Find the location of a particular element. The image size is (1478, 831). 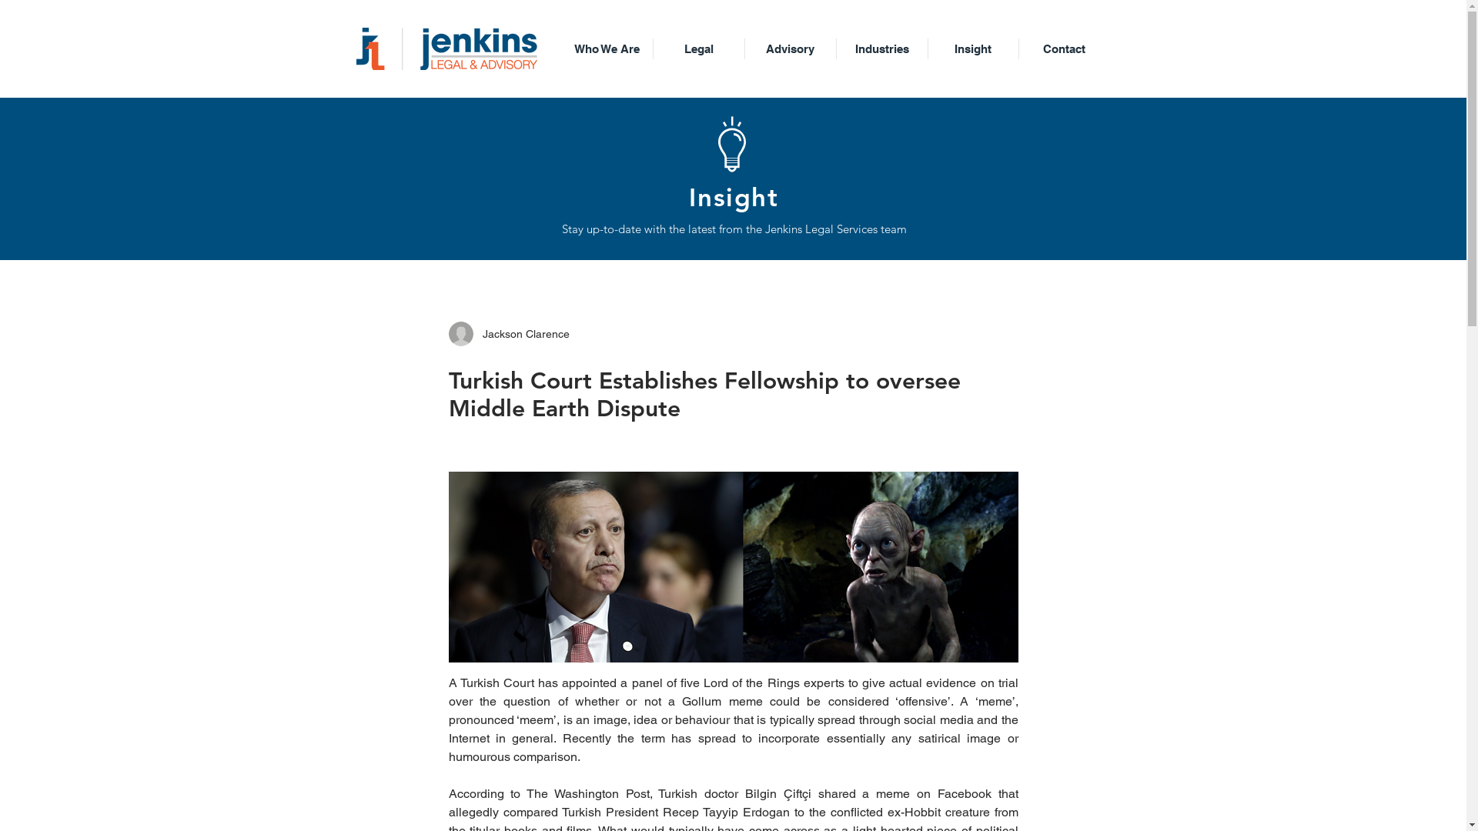

'Industries' is located at coordinates (881, 48).